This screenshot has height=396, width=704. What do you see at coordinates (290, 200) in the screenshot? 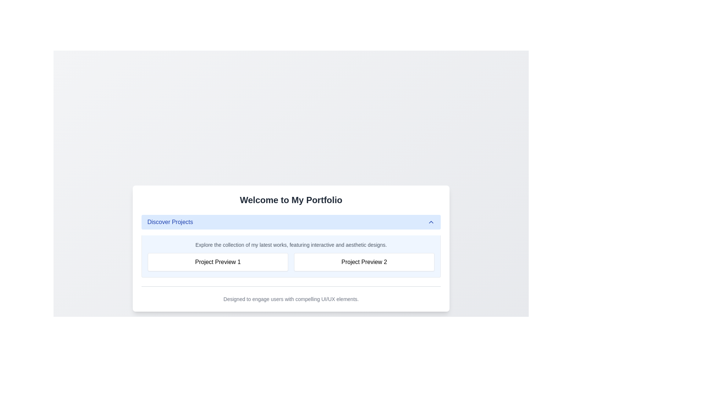
I see `the text heading that reads 'Welcome to My Portfolio', which is prominently displayed at the top of the main content section` at bounding box center [290, 200].